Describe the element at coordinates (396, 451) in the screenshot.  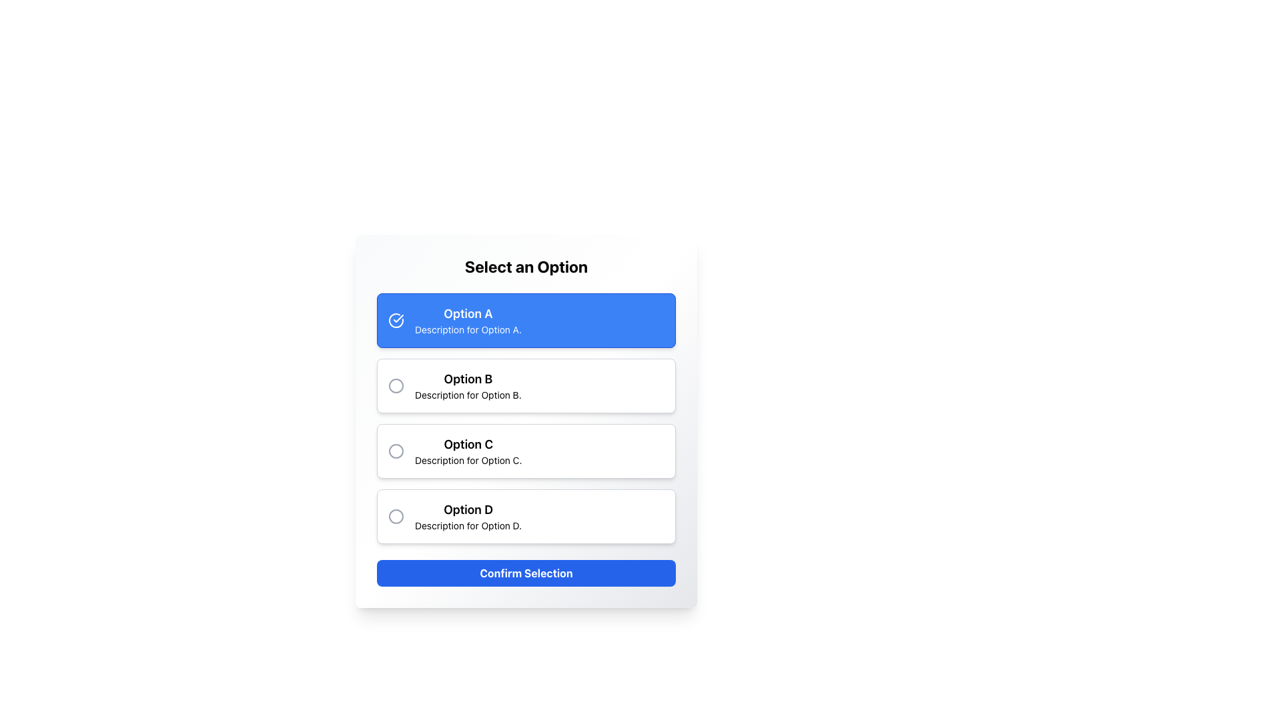
I see `the circular graphical element that is part of the checkbox or radio button for 'Option C' to trigger any hover effects` at that location.